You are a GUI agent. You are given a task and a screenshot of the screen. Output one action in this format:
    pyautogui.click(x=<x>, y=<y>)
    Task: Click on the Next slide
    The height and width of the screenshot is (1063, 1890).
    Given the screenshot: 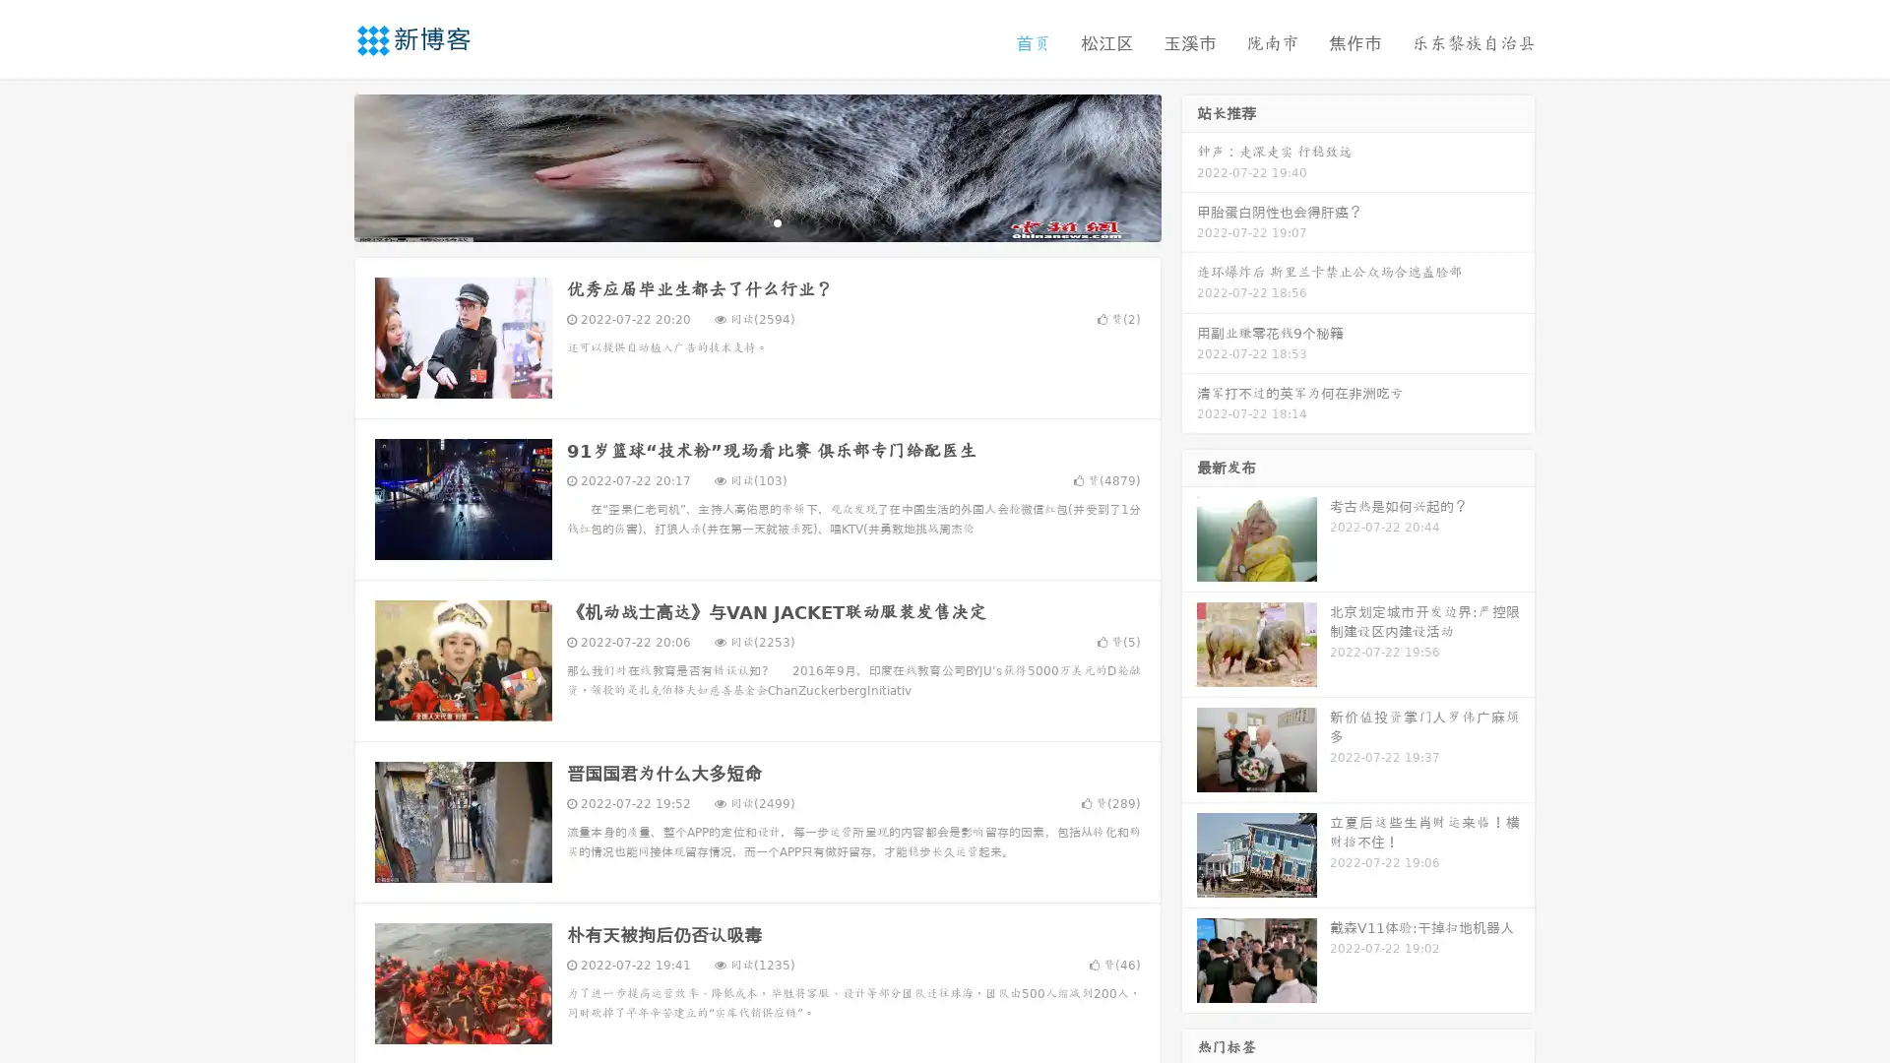 What is the action you would take?
    pyautogui.click(x=1189, y=165)
    